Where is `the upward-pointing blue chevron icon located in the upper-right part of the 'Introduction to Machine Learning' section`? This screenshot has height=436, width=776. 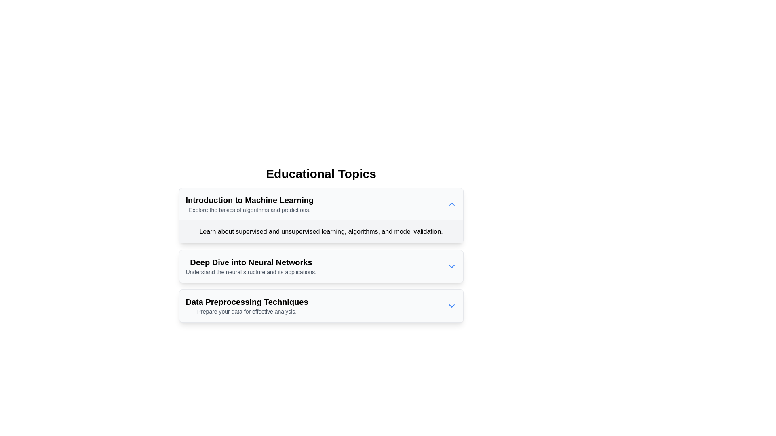
the upward-pointing blue chevron icon located in the upper-right part of the 'Introduction to Machine Learning' section is located at coordinates (451, 203).